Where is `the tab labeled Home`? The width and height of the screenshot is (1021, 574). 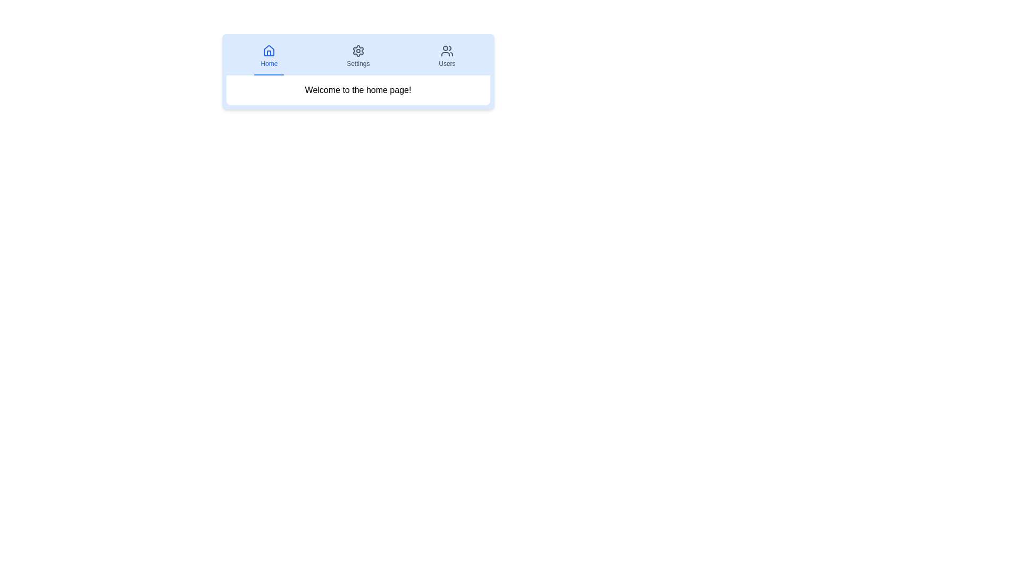
the tab labeled Home is located at coordinates (269, 57).